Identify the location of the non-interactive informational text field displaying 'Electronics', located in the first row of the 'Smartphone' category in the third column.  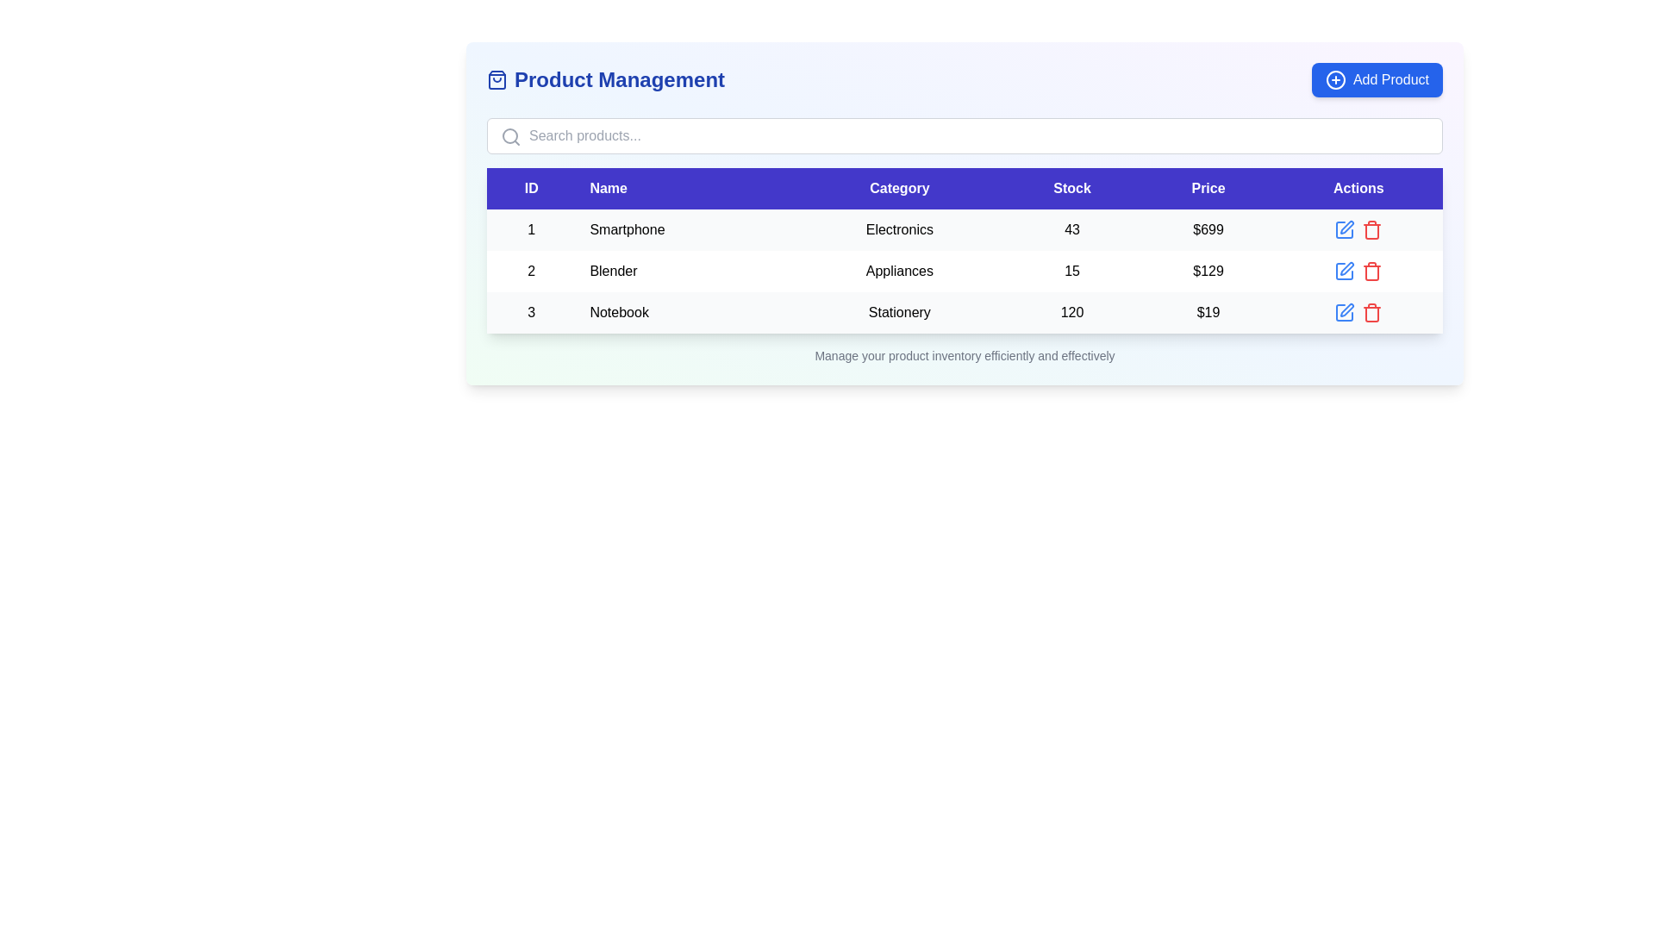
(898, 228).